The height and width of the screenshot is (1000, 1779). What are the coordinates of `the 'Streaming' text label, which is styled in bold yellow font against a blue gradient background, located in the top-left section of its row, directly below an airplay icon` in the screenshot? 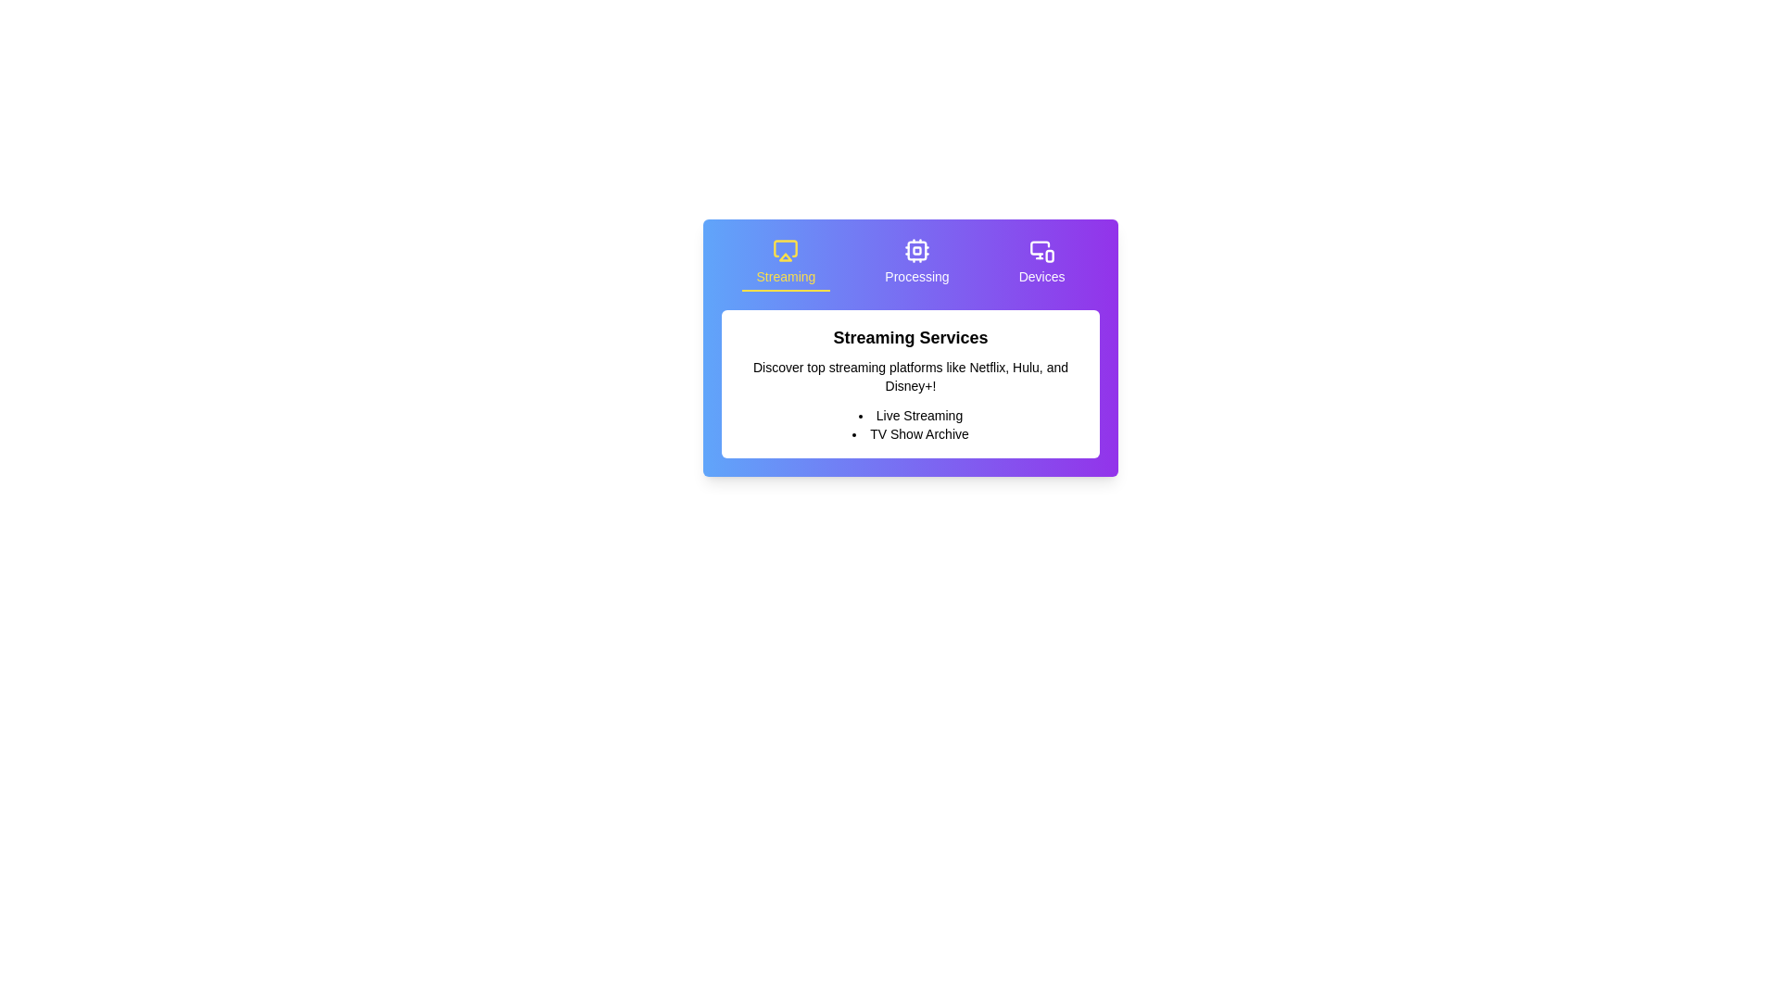 It's located at (786, 277).